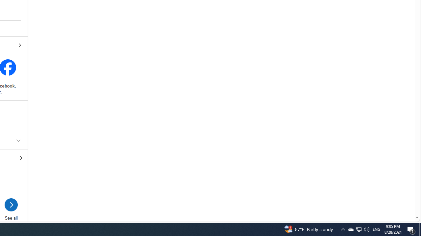 The image size is (421, 236). Describe the element at coordinates (11, 212) in the screenshot. I see `'See all See all'` at that location.